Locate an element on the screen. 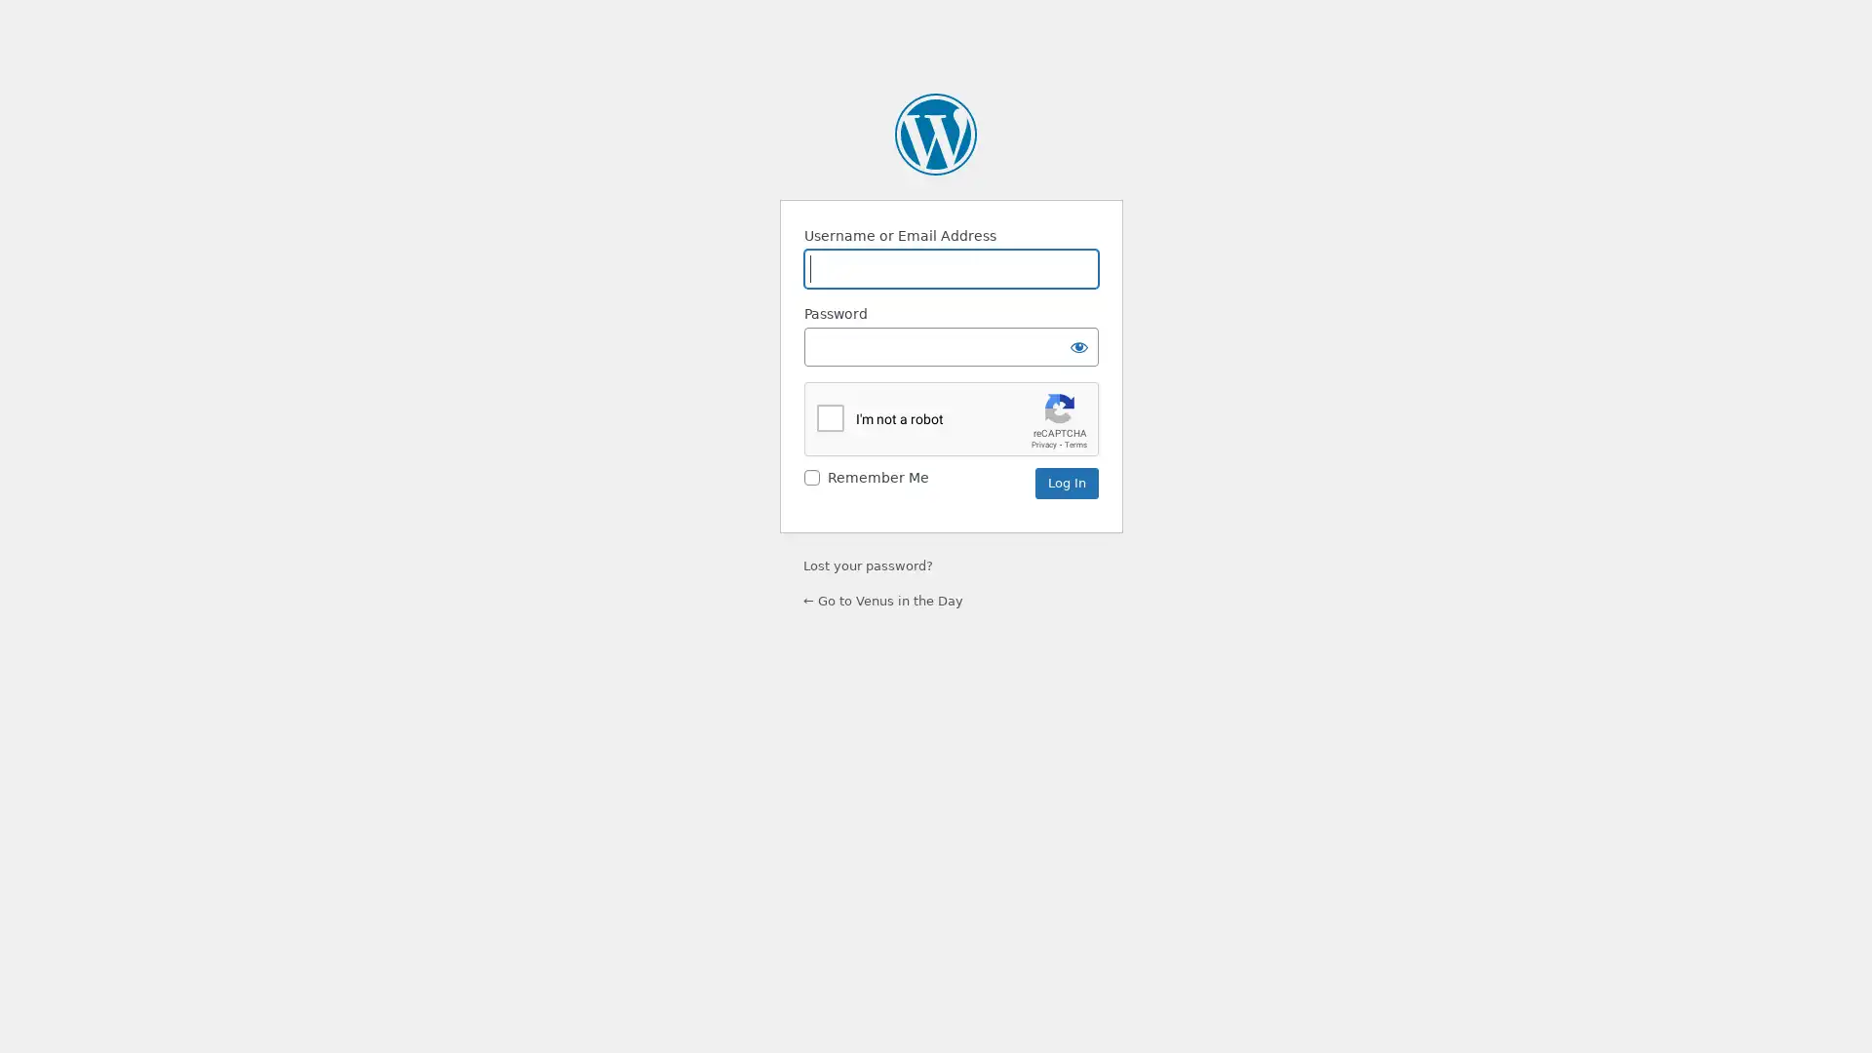 The width and height of the screenshot is (1872, 1053). Show password is located at coordinates (1078, 345).